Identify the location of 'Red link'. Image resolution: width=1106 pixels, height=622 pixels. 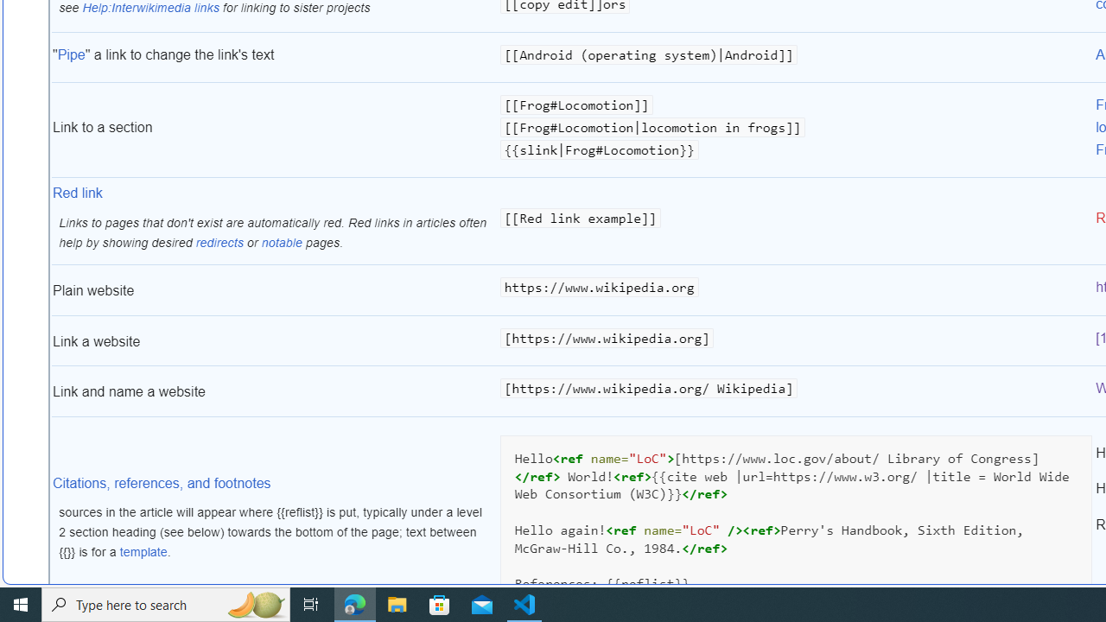
(77, 194).